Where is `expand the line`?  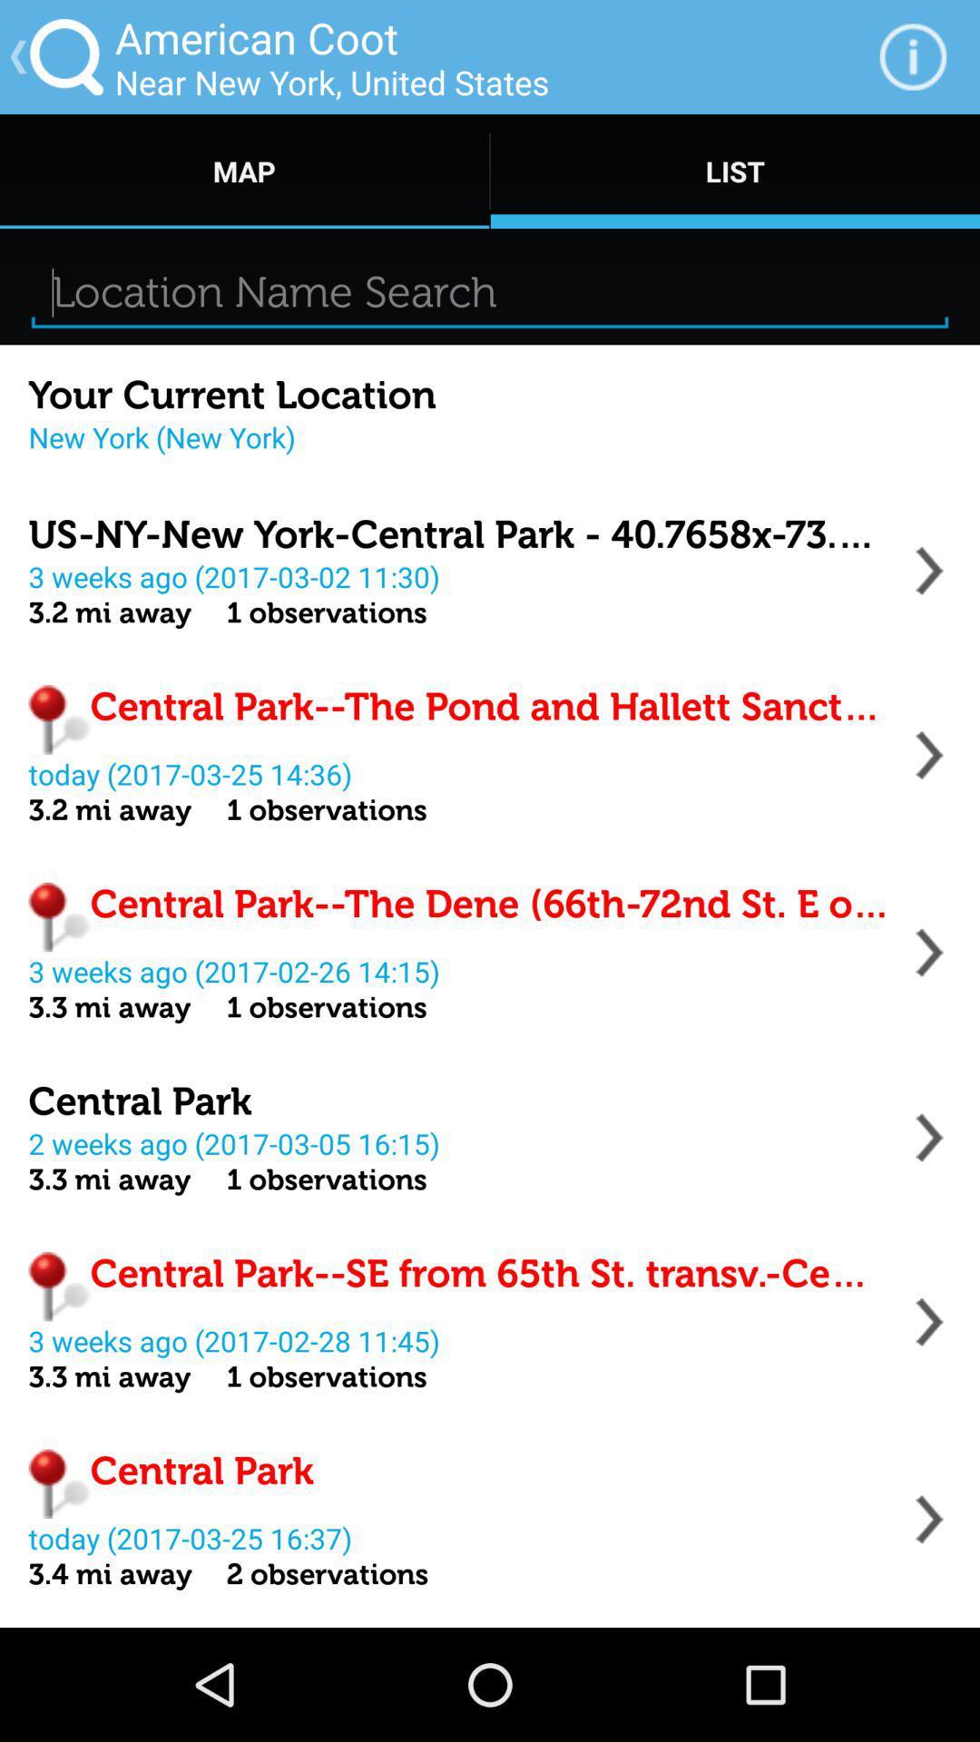
expand the line is located at coordinates (929, 1322).